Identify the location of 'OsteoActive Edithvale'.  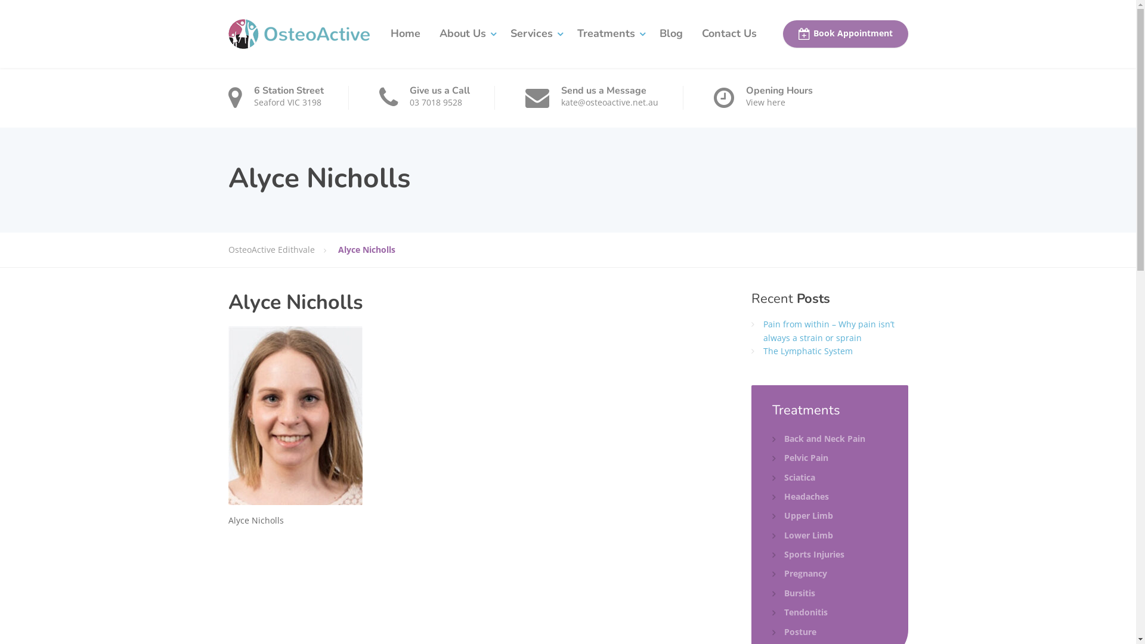
(282, 249).